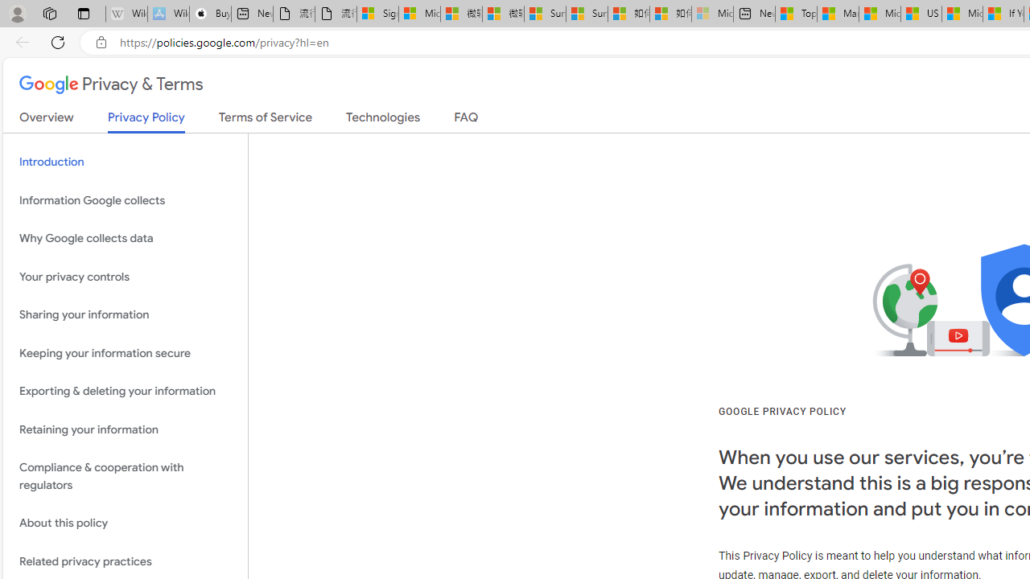 This screenshot has width=1030, height=579. Describe the element at coordinates (125, 315) in the screenshot. I see `'Sharing your information'` at that location.